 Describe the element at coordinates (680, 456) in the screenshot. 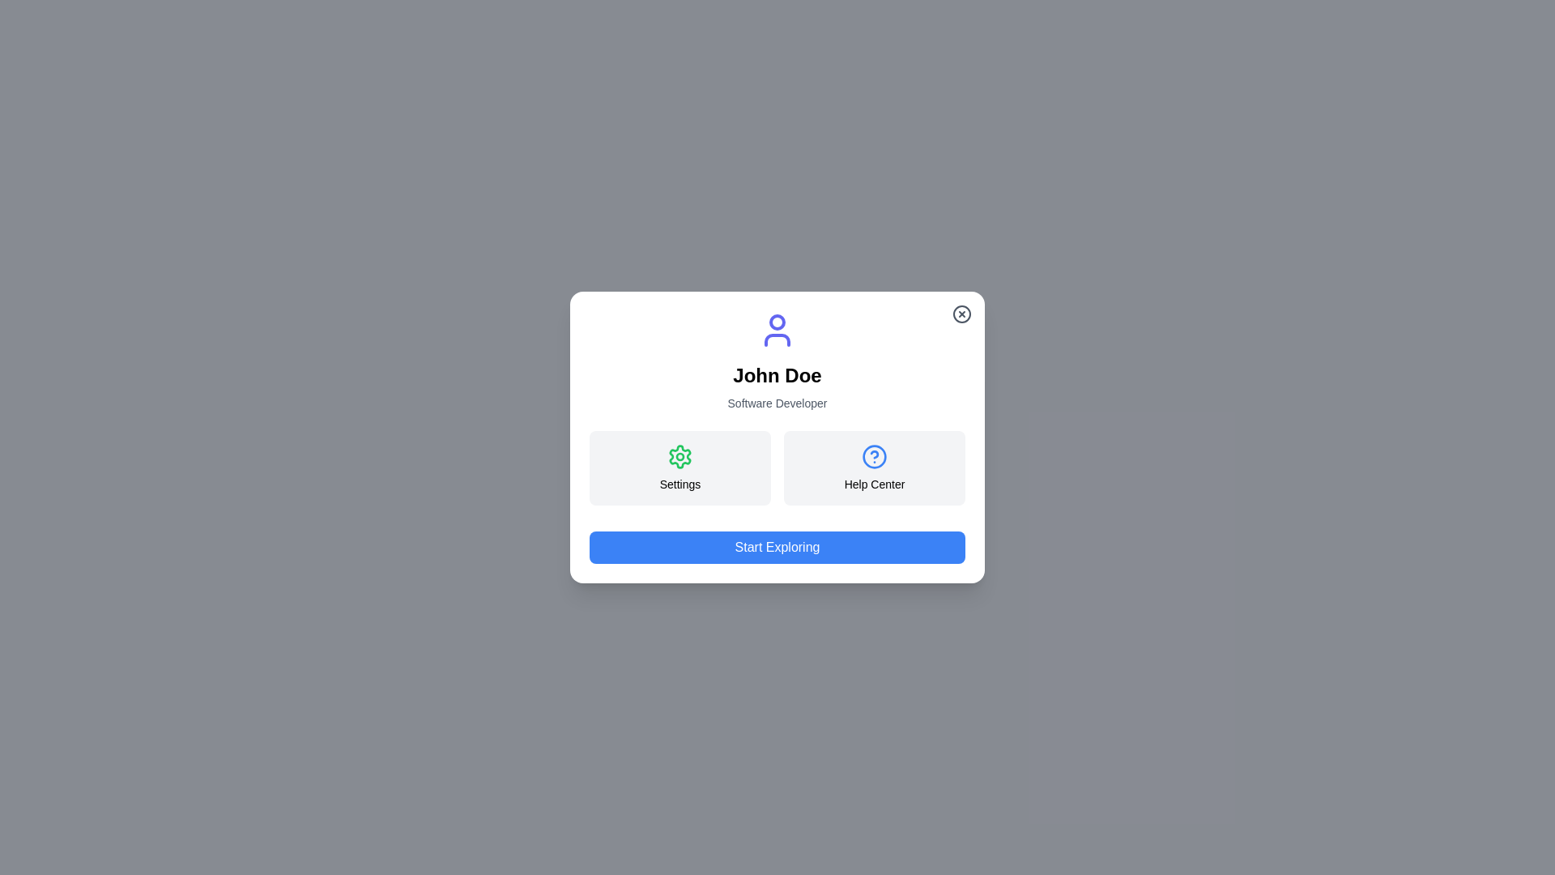

I see `the 'Settings' button, which is located in the lower section of the modal window and is centered around the provided coordinates` at that location.